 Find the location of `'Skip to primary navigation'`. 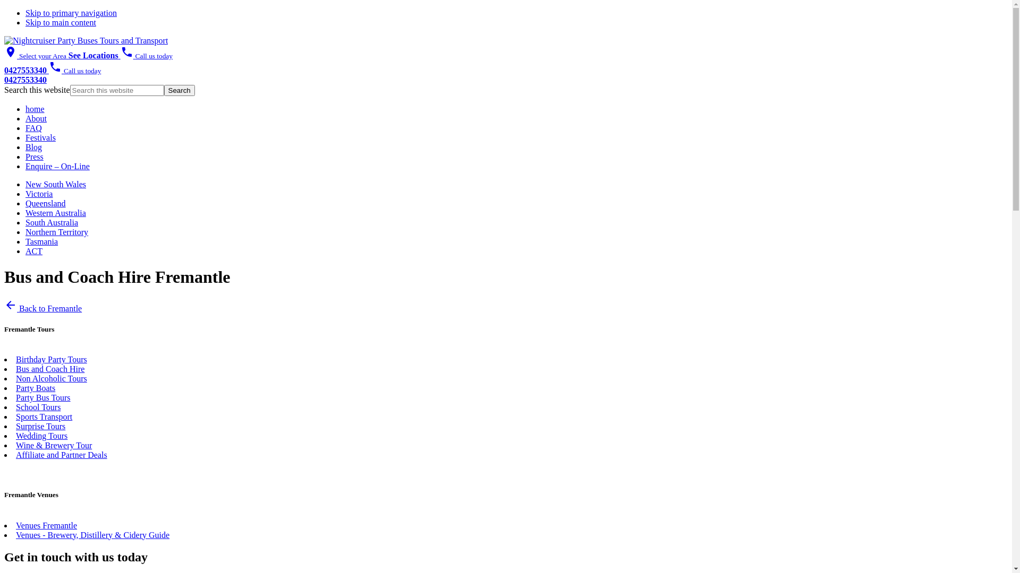

'Skip to primary navigation' is located at coordinates (71, 13).